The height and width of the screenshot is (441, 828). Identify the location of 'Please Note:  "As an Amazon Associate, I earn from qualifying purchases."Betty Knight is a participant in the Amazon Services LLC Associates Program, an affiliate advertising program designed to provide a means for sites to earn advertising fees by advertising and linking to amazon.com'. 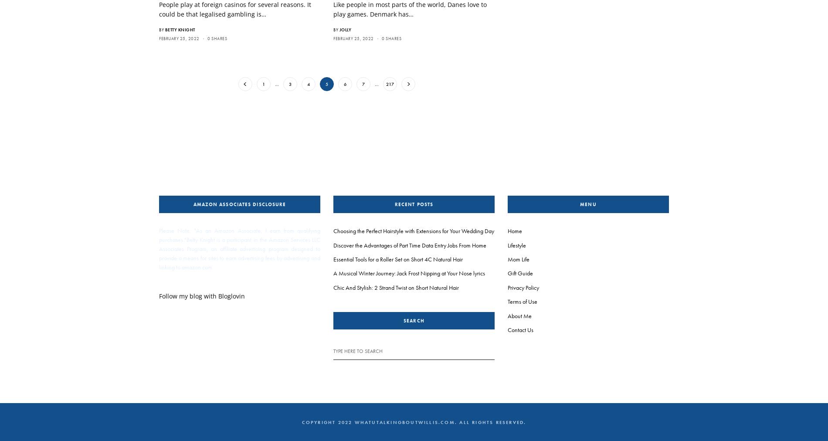
(240, 248).